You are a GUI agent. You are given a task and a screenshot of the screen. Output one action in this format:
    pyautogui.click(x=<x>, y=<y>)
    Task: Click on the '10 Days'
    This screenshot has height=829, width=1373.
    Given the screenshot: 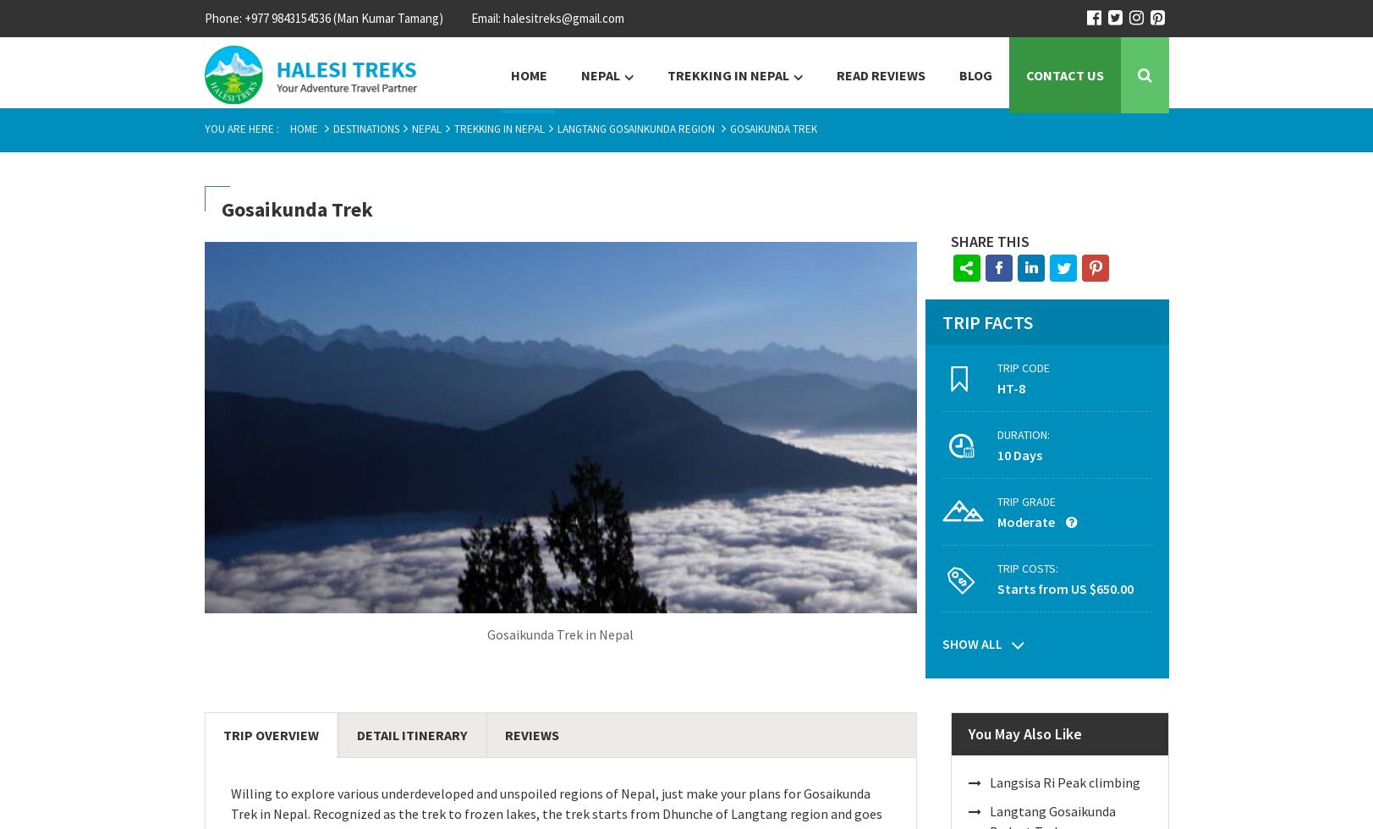 What is the action you would take?
    pyautogui.click(x=1019, y=455)
    